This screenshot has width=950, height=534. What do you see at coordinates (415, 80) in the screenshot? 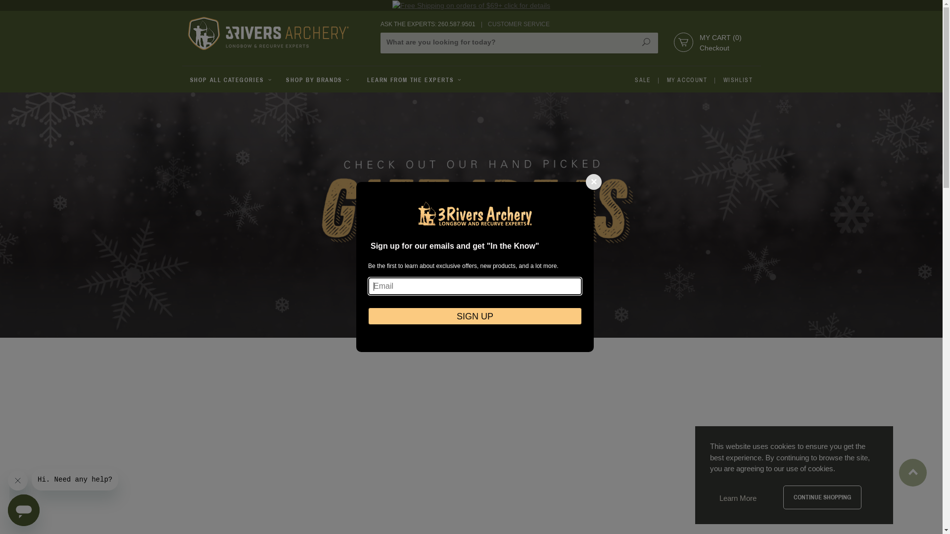
I see `'LEARN FROM THE EXPERTS'` at bounding box center [415, 80].